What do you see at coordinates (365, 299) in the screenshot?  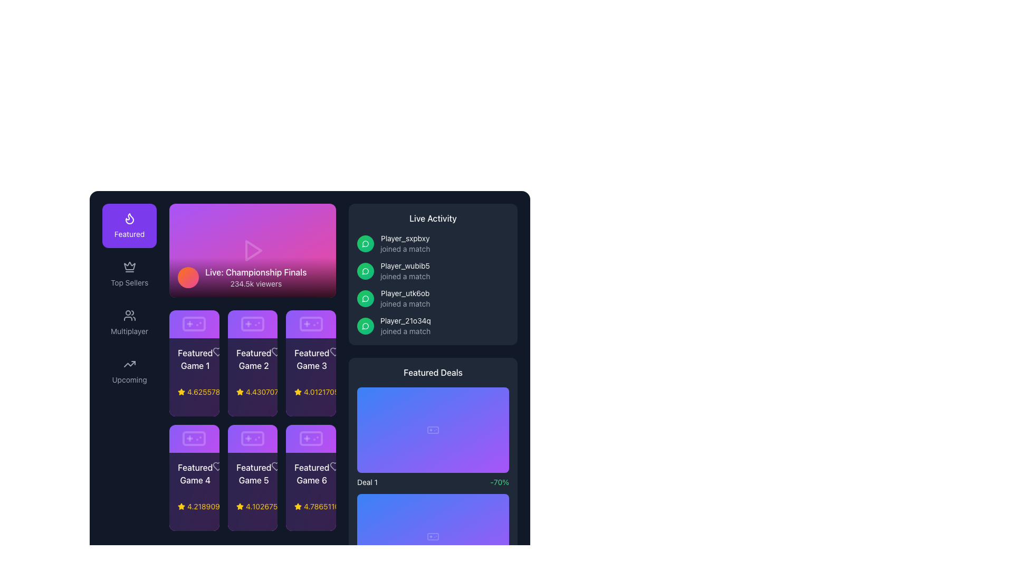 I see `the green circular icon with a speech bubble outline located in the 'Live Activity' section, which is the third icon in a vertical list` at bounding box center [365, 299].